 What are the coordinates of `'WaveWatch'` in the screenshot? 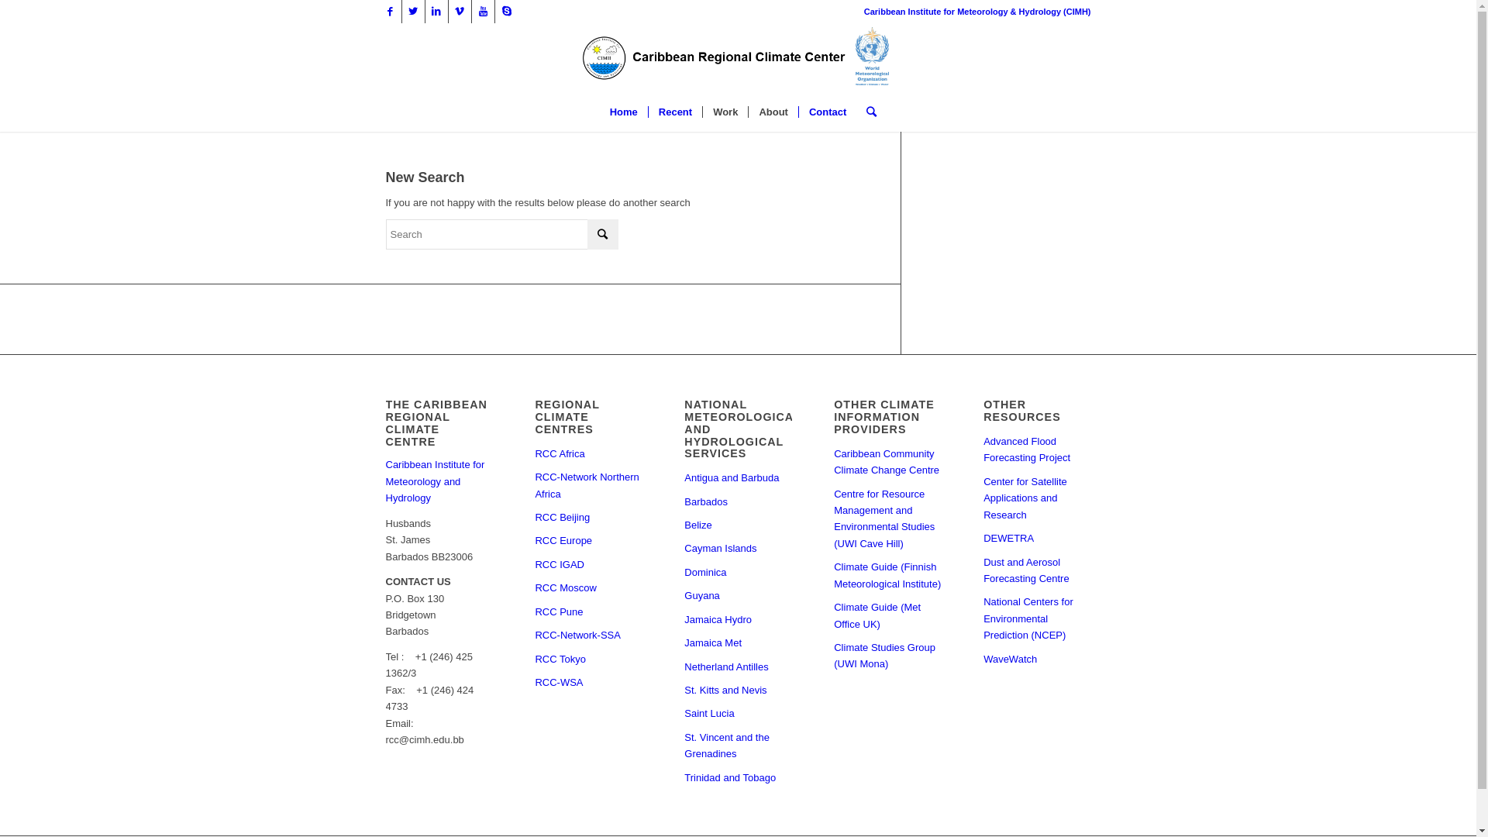 It's located at (1037, 660).